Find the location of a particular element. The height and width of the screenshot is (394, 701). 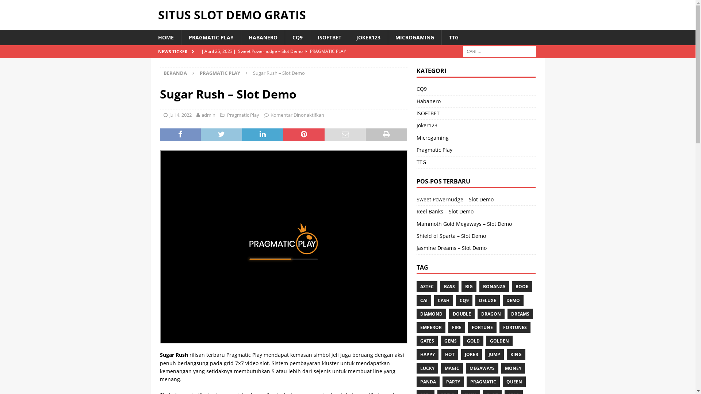

'BASS' is located at coordinates (449, 286).